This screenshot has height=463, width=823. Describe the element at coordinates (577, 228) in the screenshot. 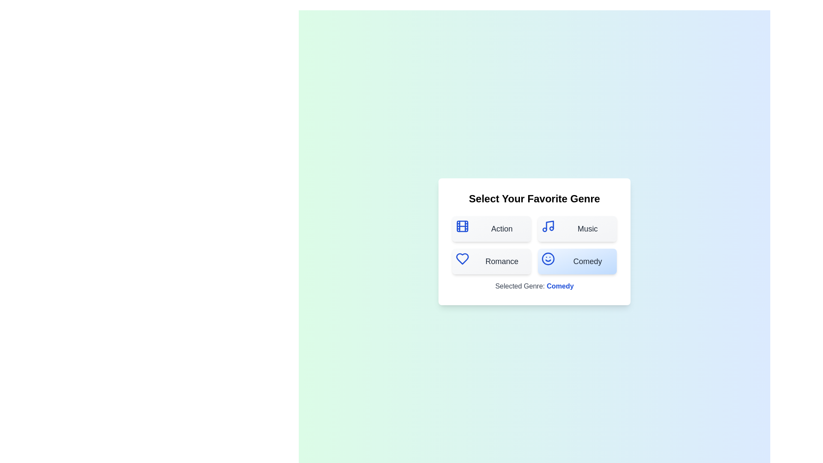

I see `the second button in the first row of the grid layout` at that location.